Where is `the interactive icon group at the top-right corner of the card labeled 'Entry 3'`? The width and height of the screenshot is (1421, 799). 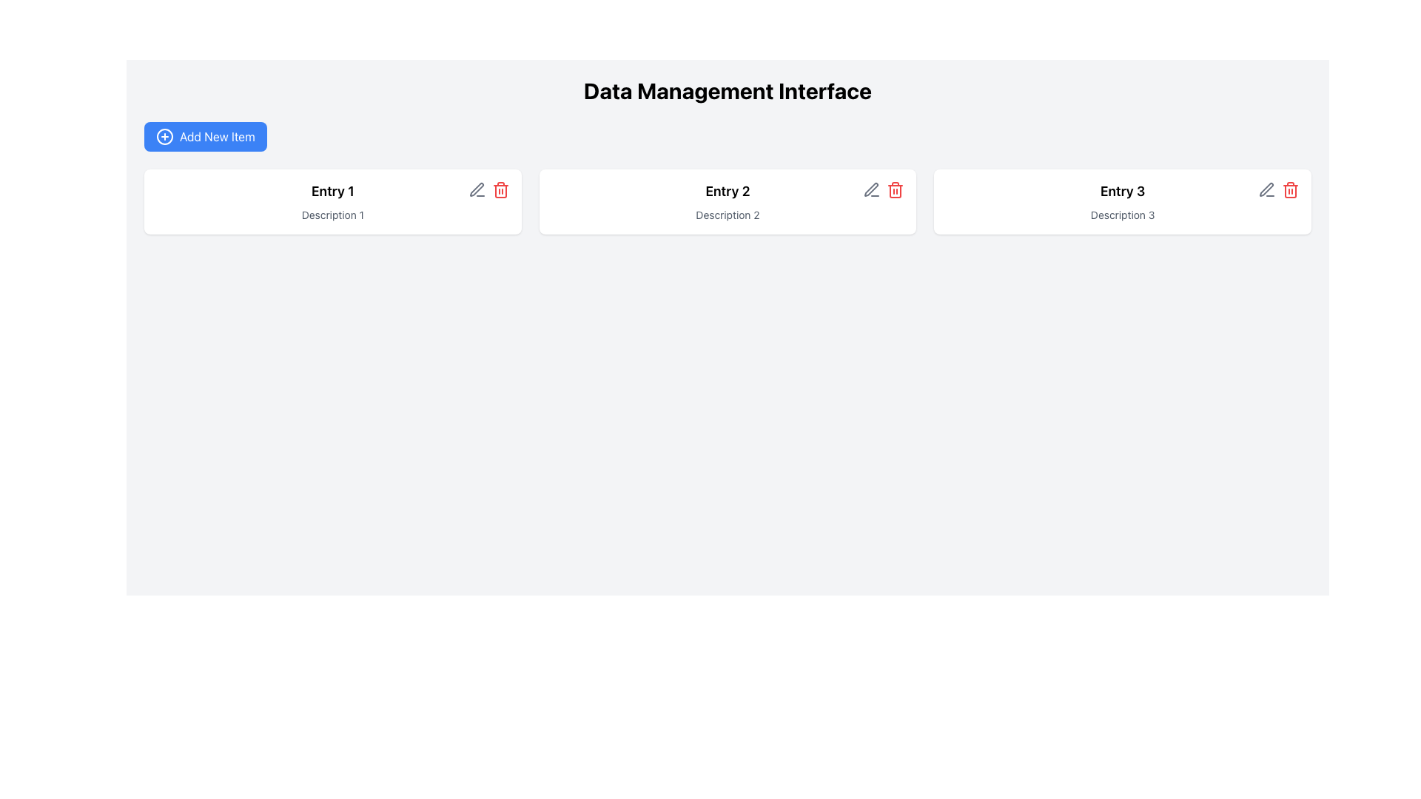 the interactive icon group at the top-right corner of the card labeled 'Entry 3' is located at coordinates (1278, 189).